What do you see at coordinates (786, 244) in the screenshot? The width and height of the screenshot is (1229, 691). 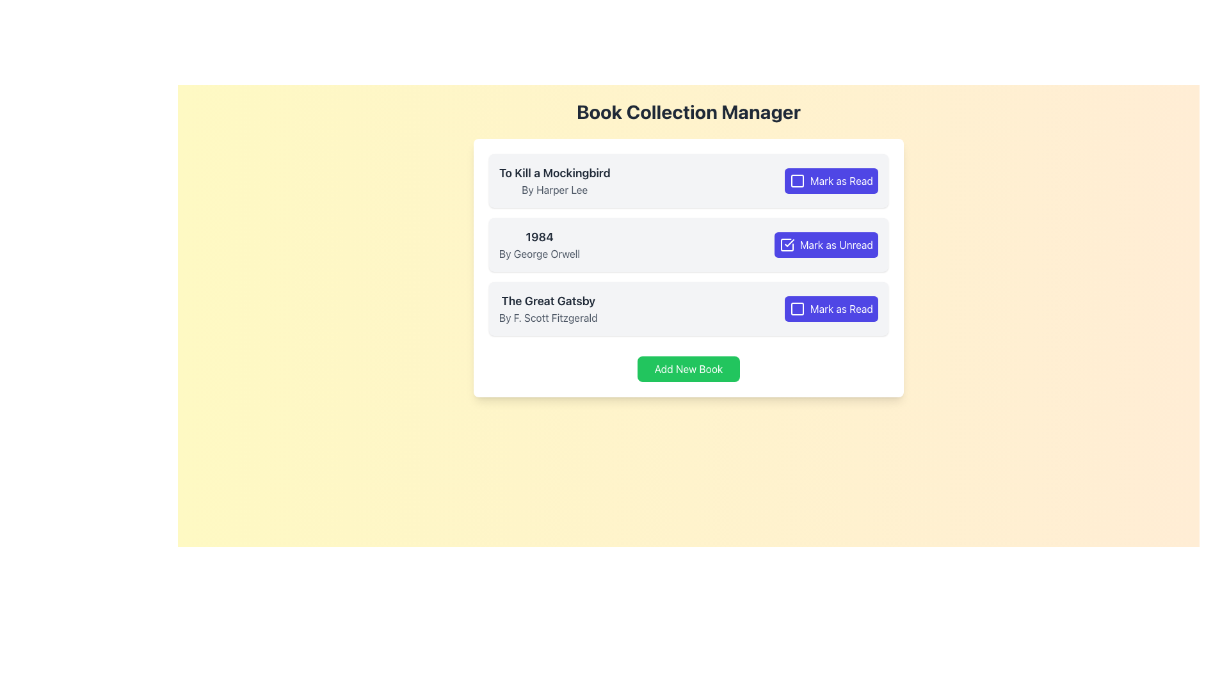 I see `the checkmark icon within the 'Mark as Unread' button next to the '1984' book entry` at bounding box center [786, 244].